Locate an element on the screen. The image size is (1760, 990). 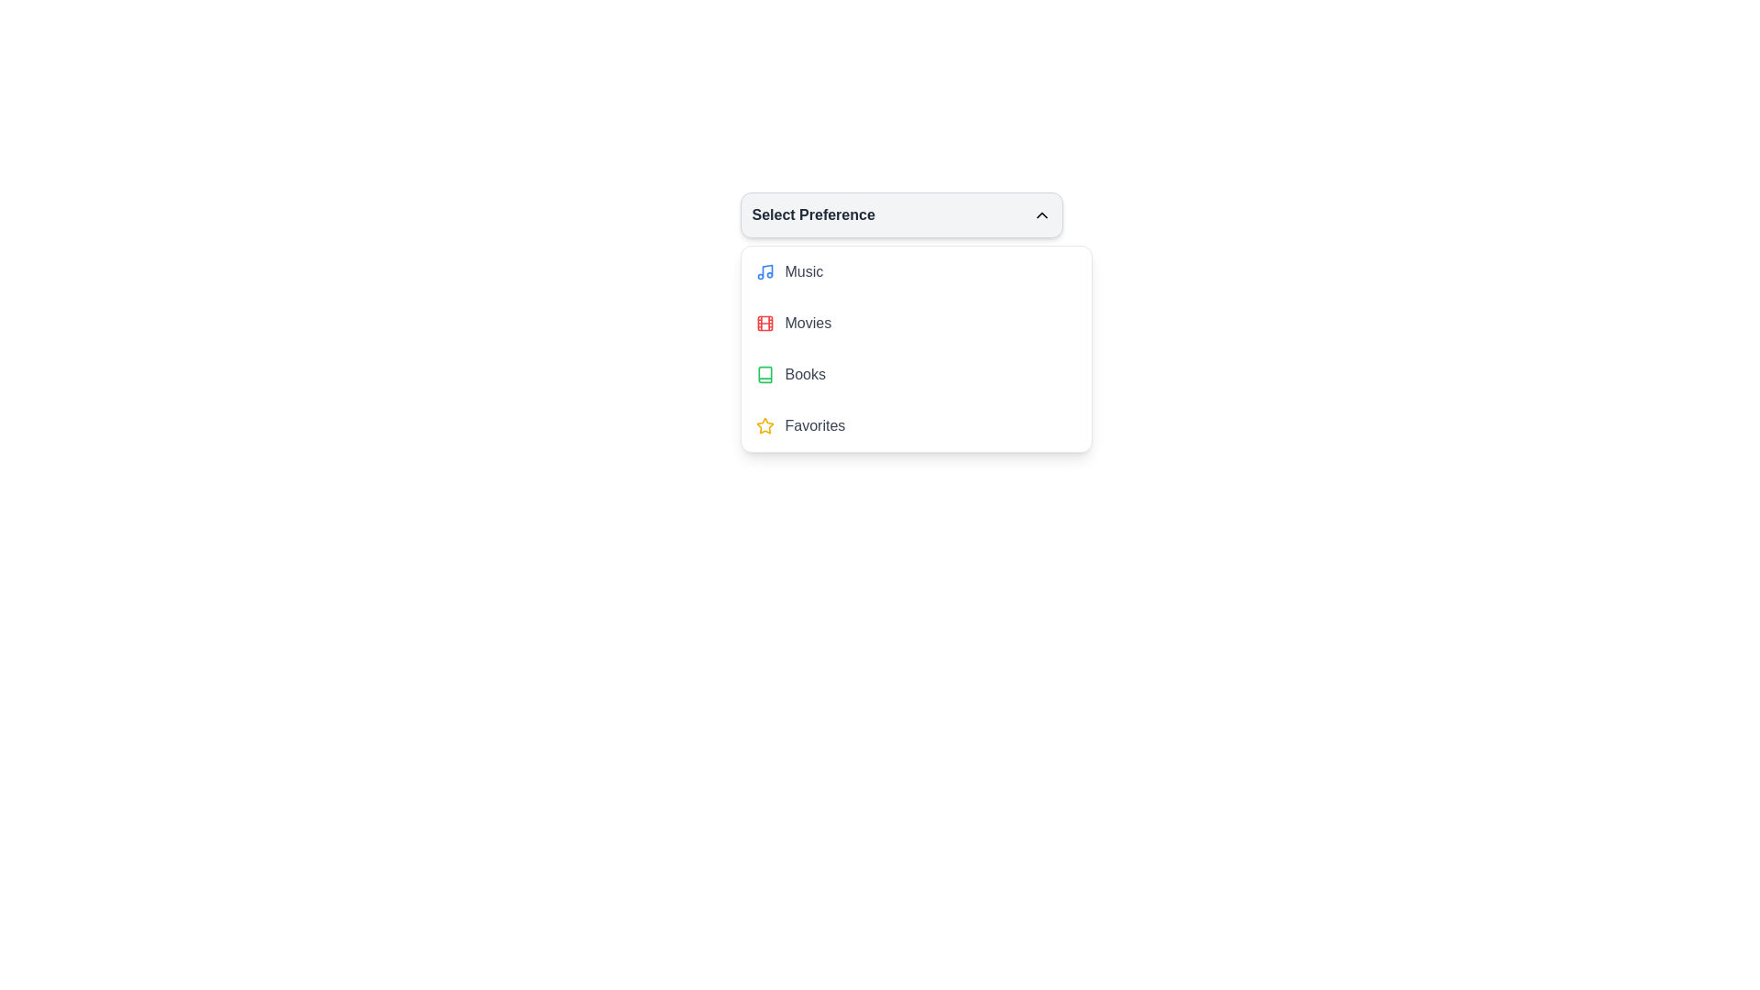
'Books' text label, which is the third option in the dropdown menu labeled 'Select Preference' and is positioned to the right of the green book icon is located at coordinates (805, 373).